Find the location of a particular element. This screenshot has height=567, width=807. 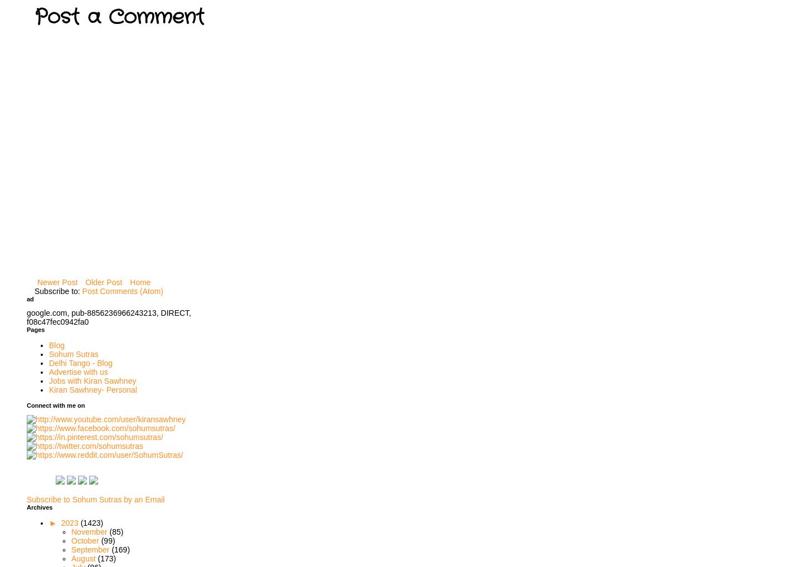

'Post Comments (Atom)' is located at coordinates (122, 290).